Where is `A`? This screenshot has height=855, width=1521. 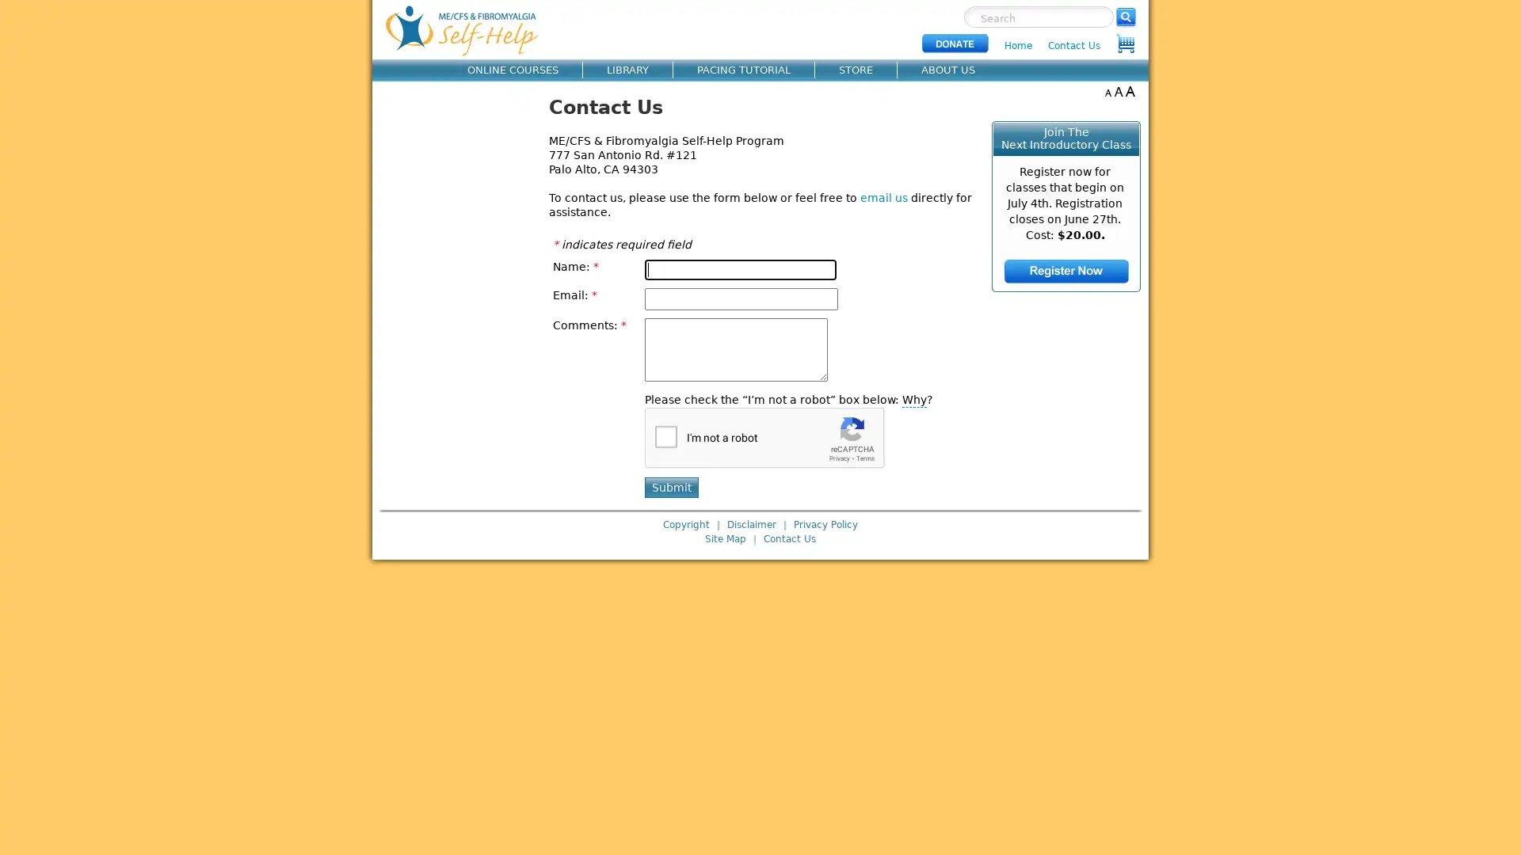 A is located at coordinates (1107, 91).